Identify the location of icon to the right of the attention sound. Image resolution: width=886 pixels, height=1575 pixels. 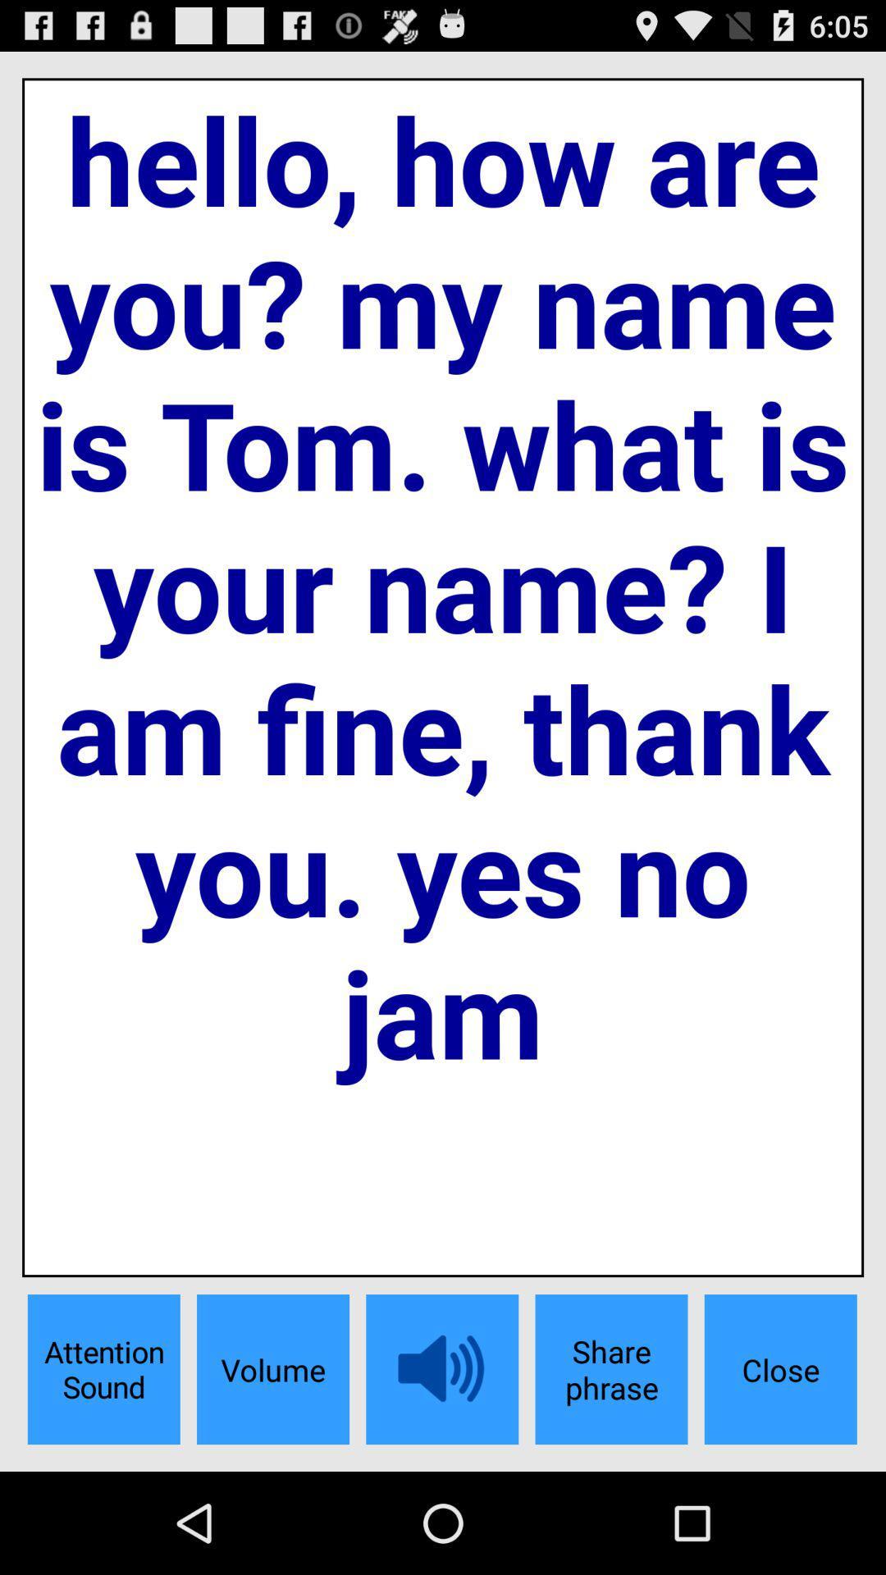
(272, 1369).